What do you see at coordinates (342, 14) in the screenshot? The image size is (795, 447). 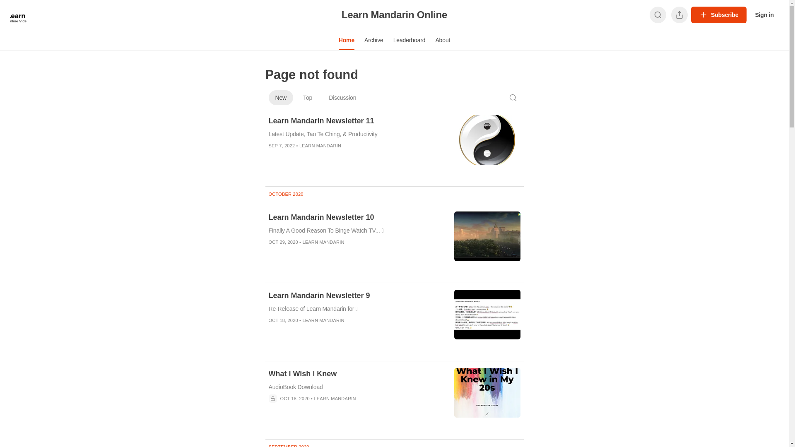 I see `'Learn Mandarin Online'` at bounding box center [342, 14].